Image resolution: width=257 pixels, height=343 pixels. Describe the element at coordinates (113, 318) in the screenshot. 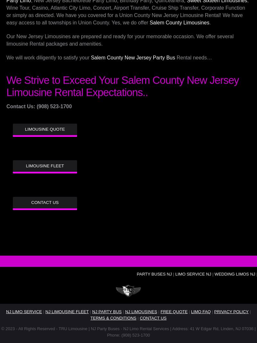

I see `'TERMS & CONDITIONS'` at that location.